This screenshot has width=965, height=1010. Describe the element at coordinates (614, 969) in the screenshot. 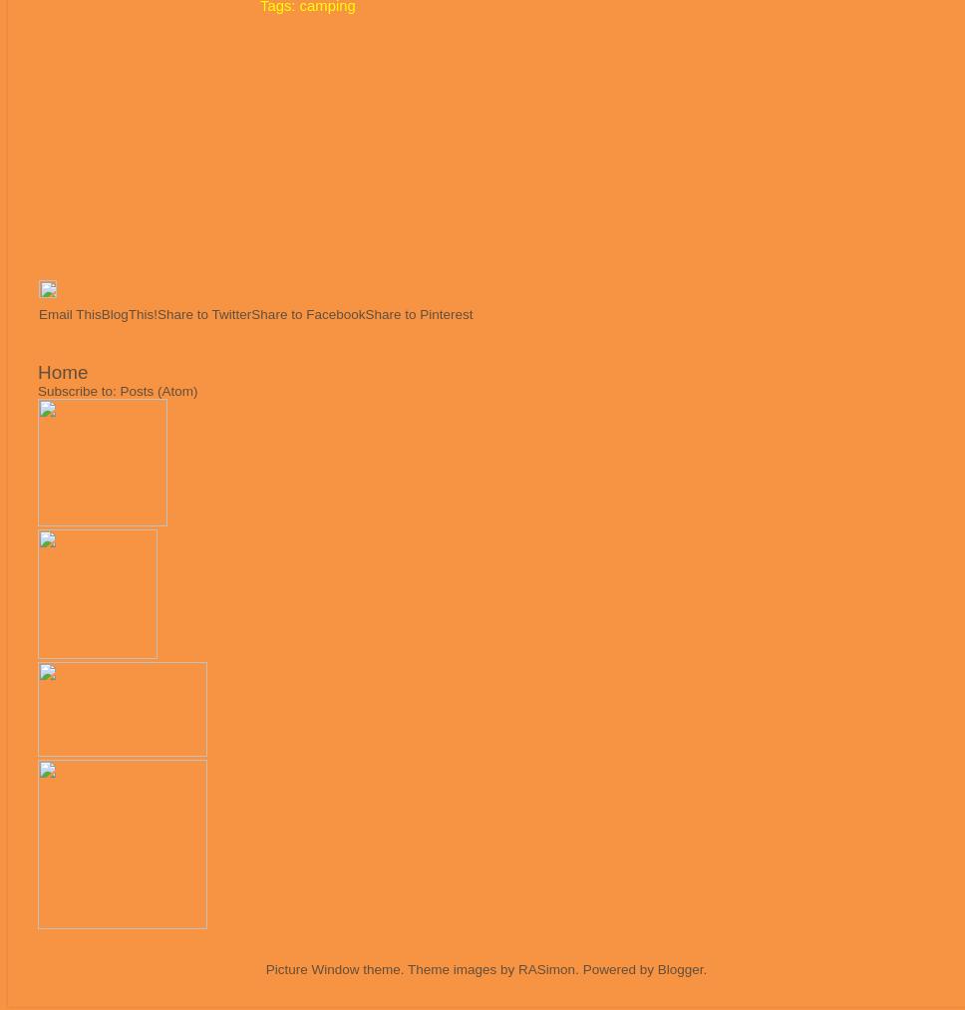

I see `'. Powered by'` at that location.